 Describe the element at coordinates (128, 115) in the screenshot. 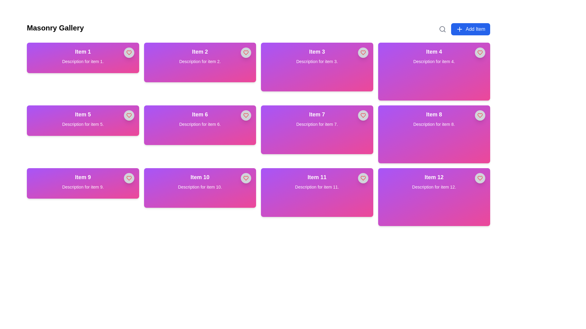

I see `the circular button with a gray background and a red hollow heart icon in the top-right corner of the card labeled 'Item 5' to favorite the item` at that location.